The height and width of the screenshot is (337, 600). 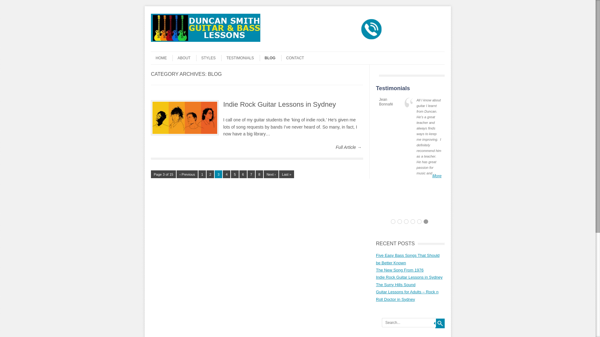 I want to click on 'Search', so click(x=439, y=323).